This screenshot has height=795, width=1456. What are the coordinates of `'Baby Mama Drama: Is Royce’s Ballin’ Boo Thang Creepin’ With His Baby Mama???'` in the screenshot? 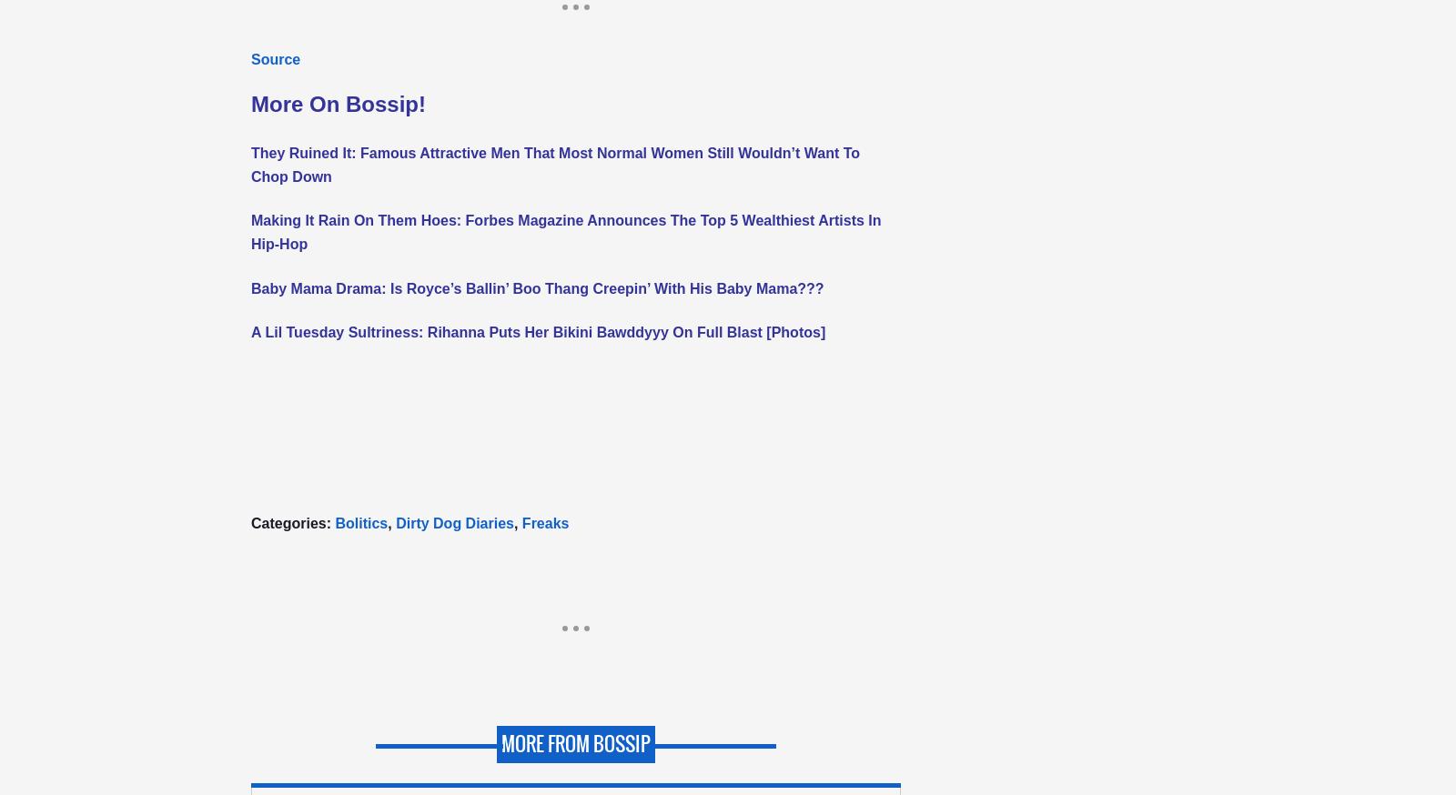 It's located at (536, 287).